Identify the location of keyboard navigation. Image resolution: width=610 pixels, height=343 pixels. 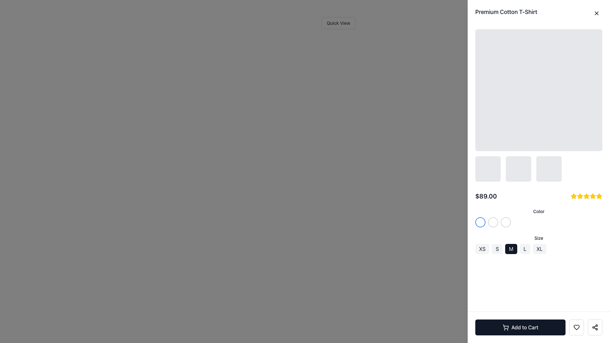
(580, 196).